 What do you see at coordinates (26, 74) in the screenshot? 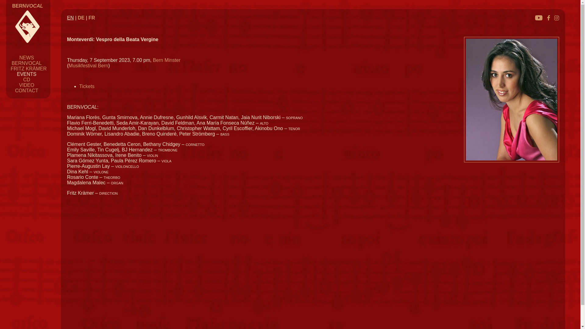
I see `'EVENTS'` at bounding box center [26, 74].